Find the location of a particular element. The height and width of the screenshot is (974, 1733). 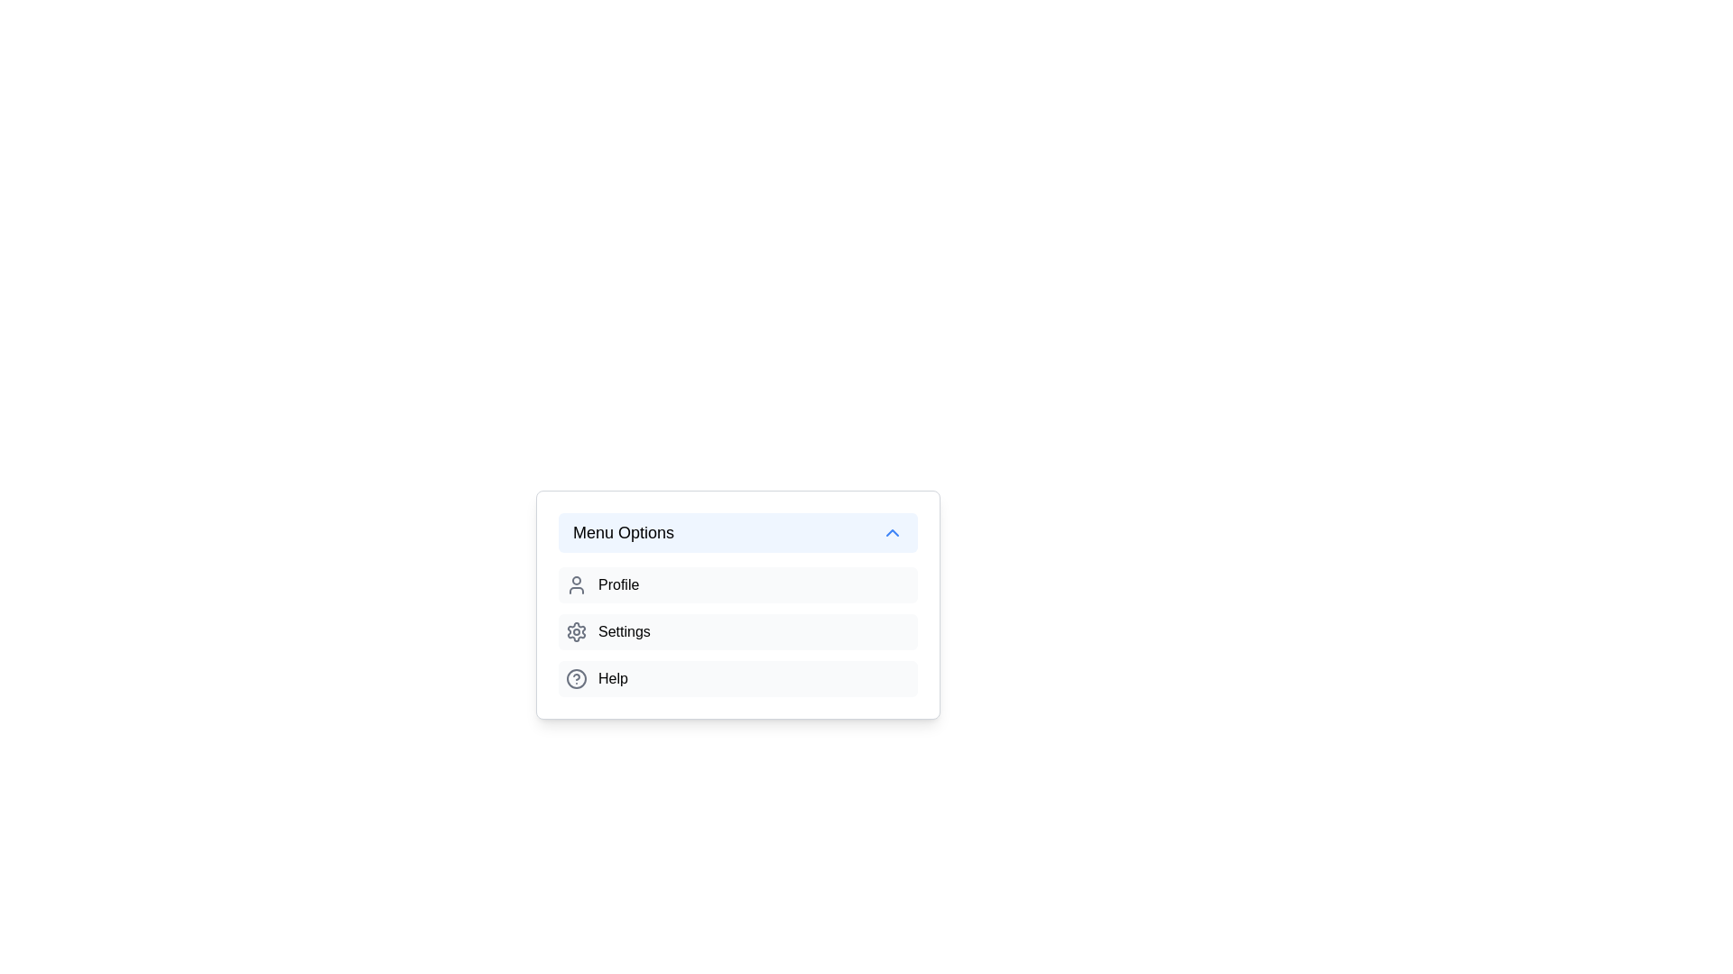

the 'Settings' button in the menu options is located at coordinates (737, 631).